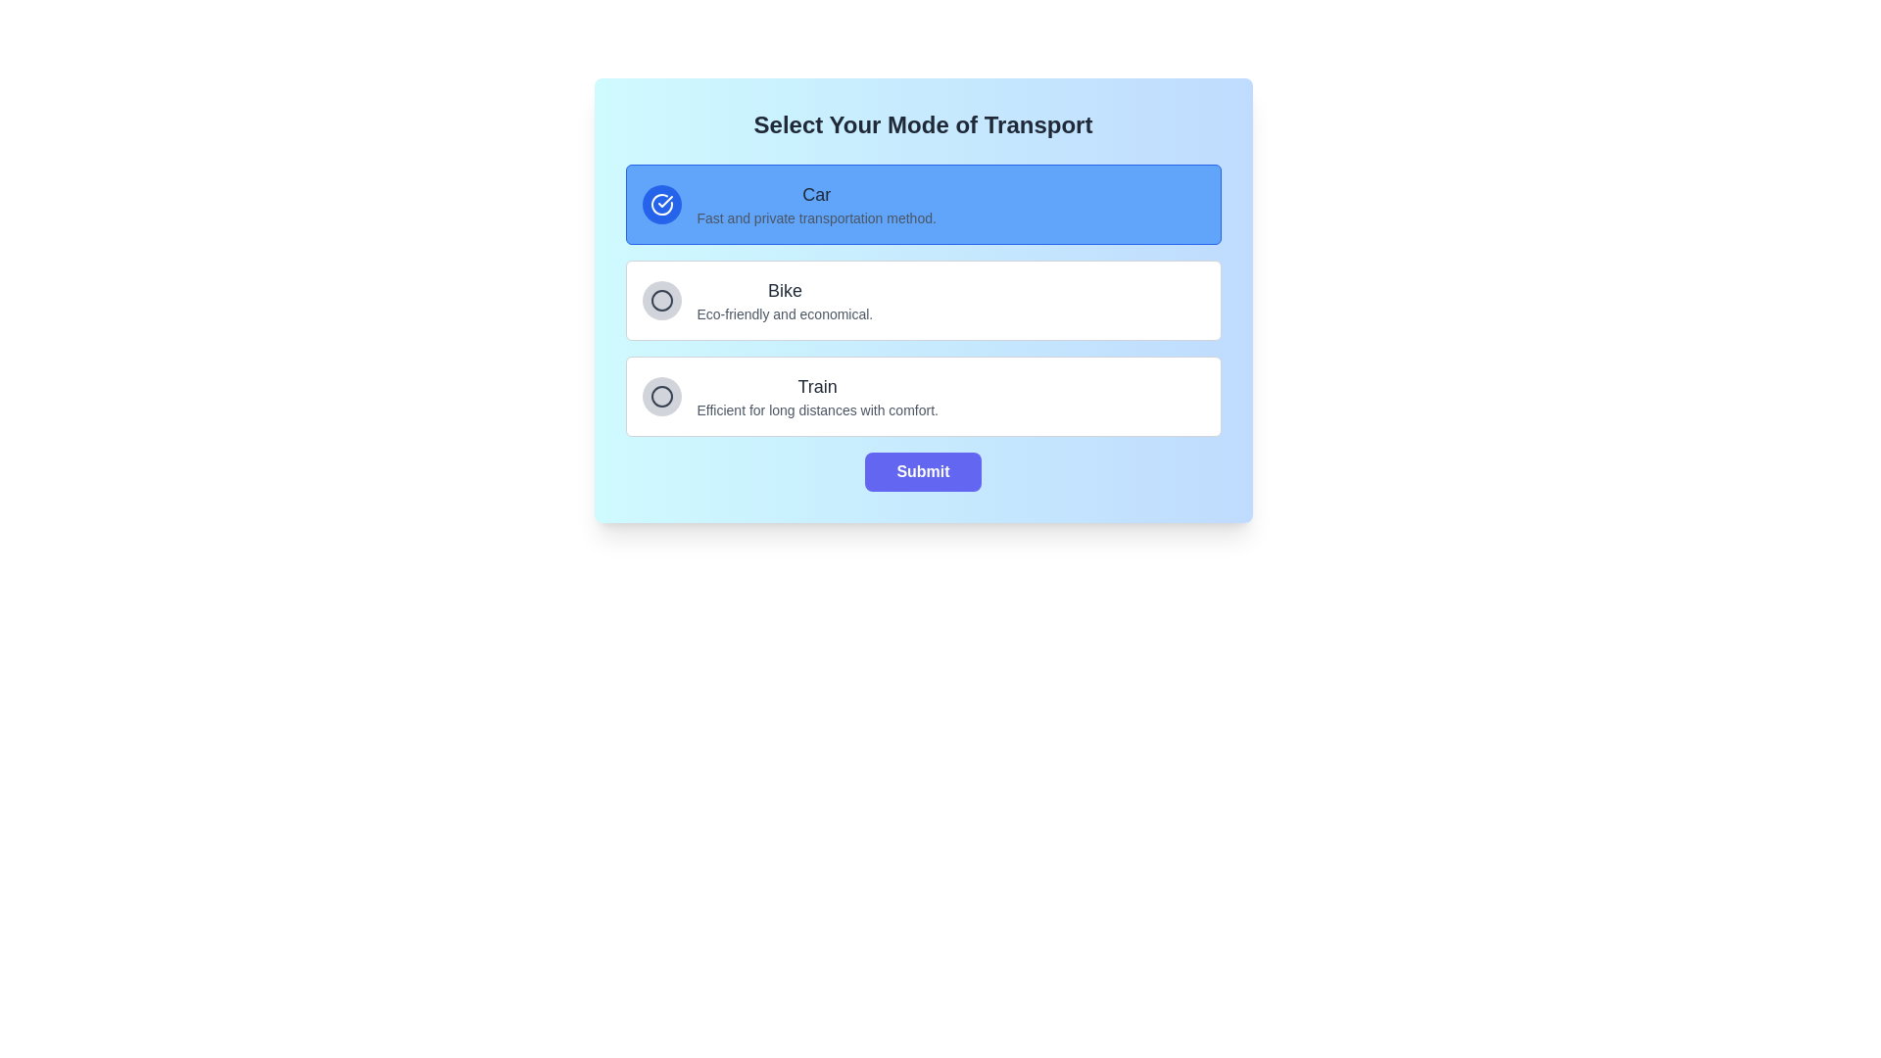 The image size is (1881, 1058). I want to click on the label or heading that indicates the mode of transport in the list of transport modes, which is visually centered in the second row of options, so click(785, 291).